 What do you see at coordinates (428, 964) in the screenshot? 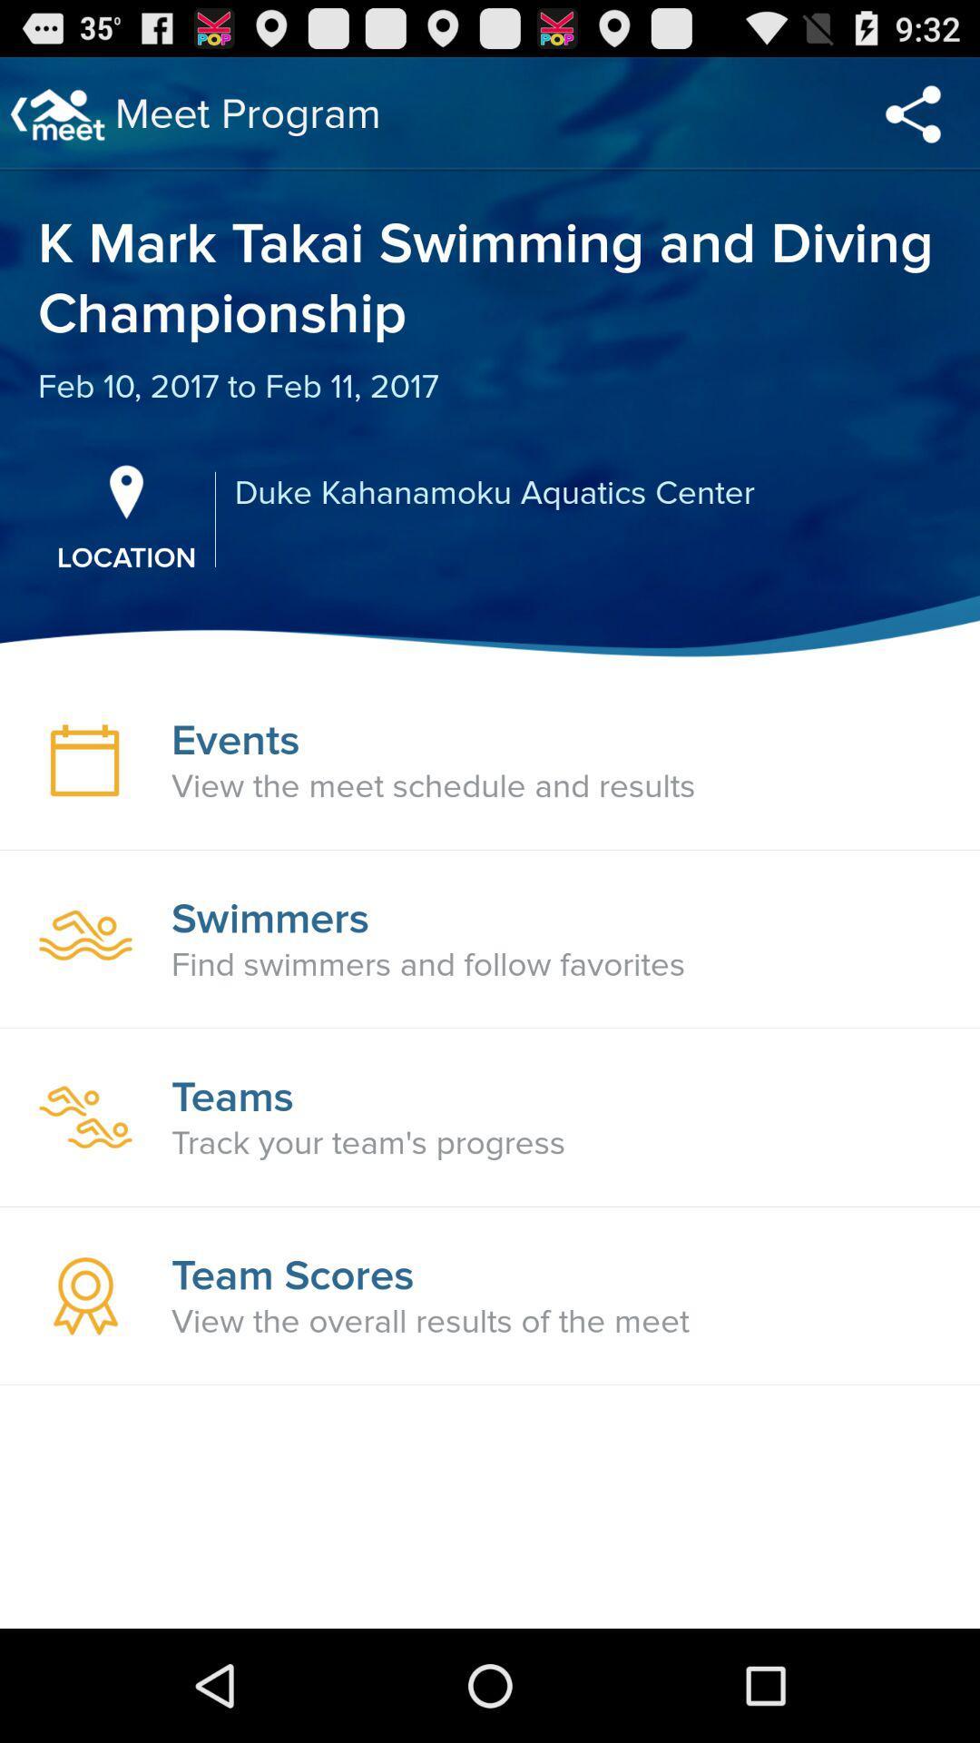
I see `find swimmers and` at bounding box center [428, 964].